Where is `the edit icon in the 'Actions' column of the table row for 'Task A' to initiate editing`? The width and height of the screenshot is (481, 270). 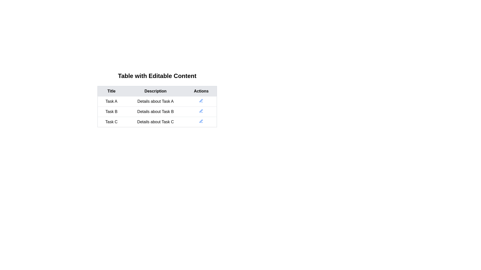
the edit icon in the 'Actions' column of the table row for 'Task A' to initiate editing is located at coordinates (201, 100).